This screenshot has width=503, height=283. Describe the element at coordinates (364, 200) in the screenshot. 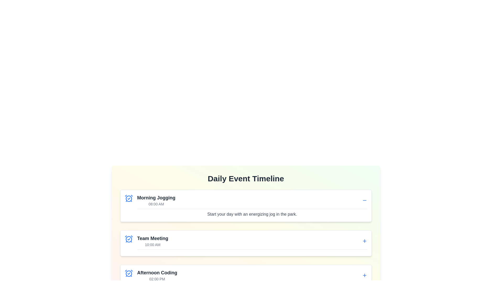

I see `the small blue minus icon located in the top-right corner of the 'Morning Jogging' card` at that location.